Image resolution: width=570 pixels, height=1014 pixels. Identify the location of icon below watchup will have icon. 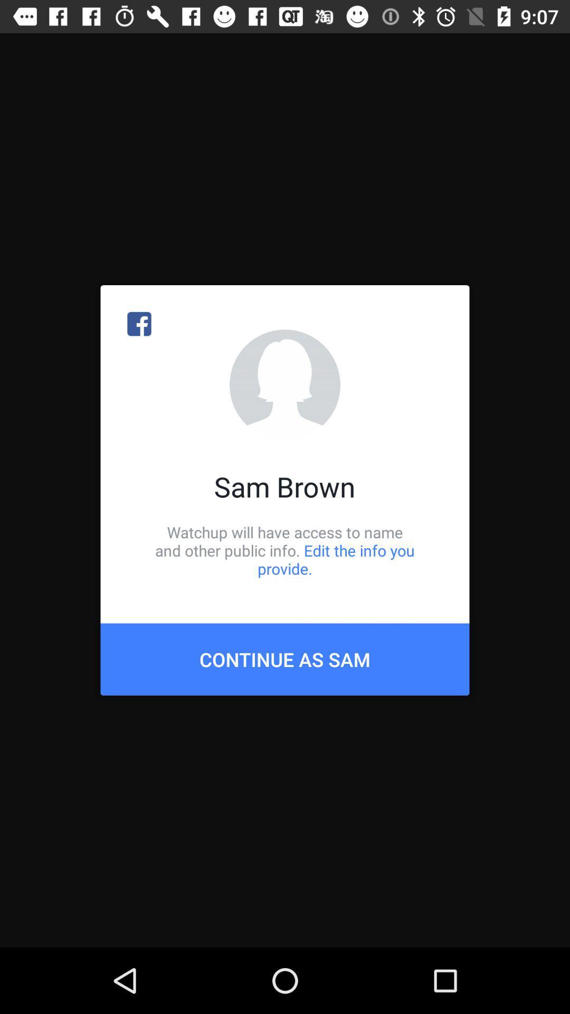
(285, 659).